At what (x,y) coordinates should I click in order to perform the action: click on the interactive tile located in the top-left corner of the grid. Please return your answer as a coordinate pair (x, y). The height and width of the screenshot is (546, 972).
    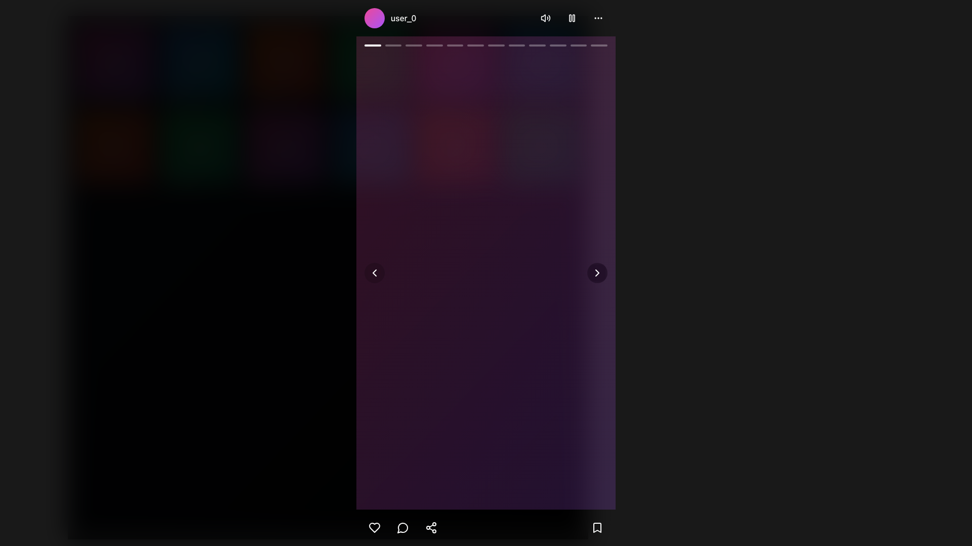
    Looking at the image, I should click on (114, 63).